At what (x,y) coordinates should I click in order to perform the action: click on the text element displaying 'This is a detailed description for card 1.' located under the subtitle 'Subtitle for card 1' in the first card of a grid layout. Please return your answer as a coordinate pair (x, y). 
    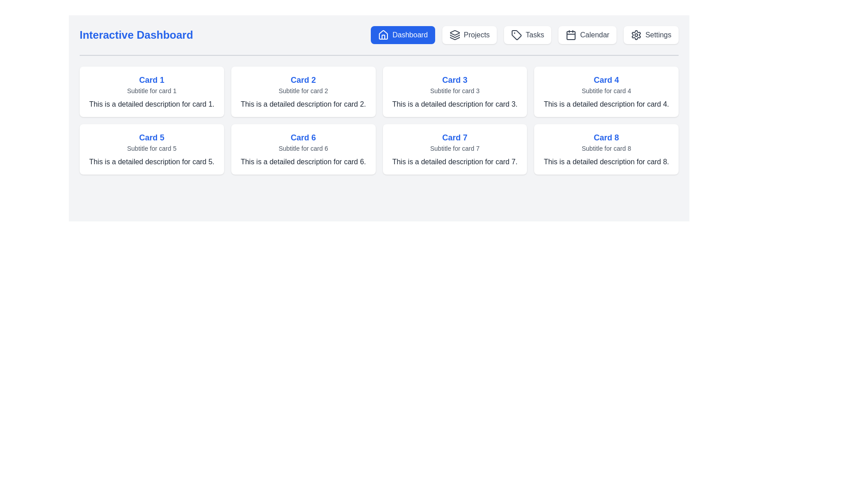
    Looking at the image, I should click on (152, 103).